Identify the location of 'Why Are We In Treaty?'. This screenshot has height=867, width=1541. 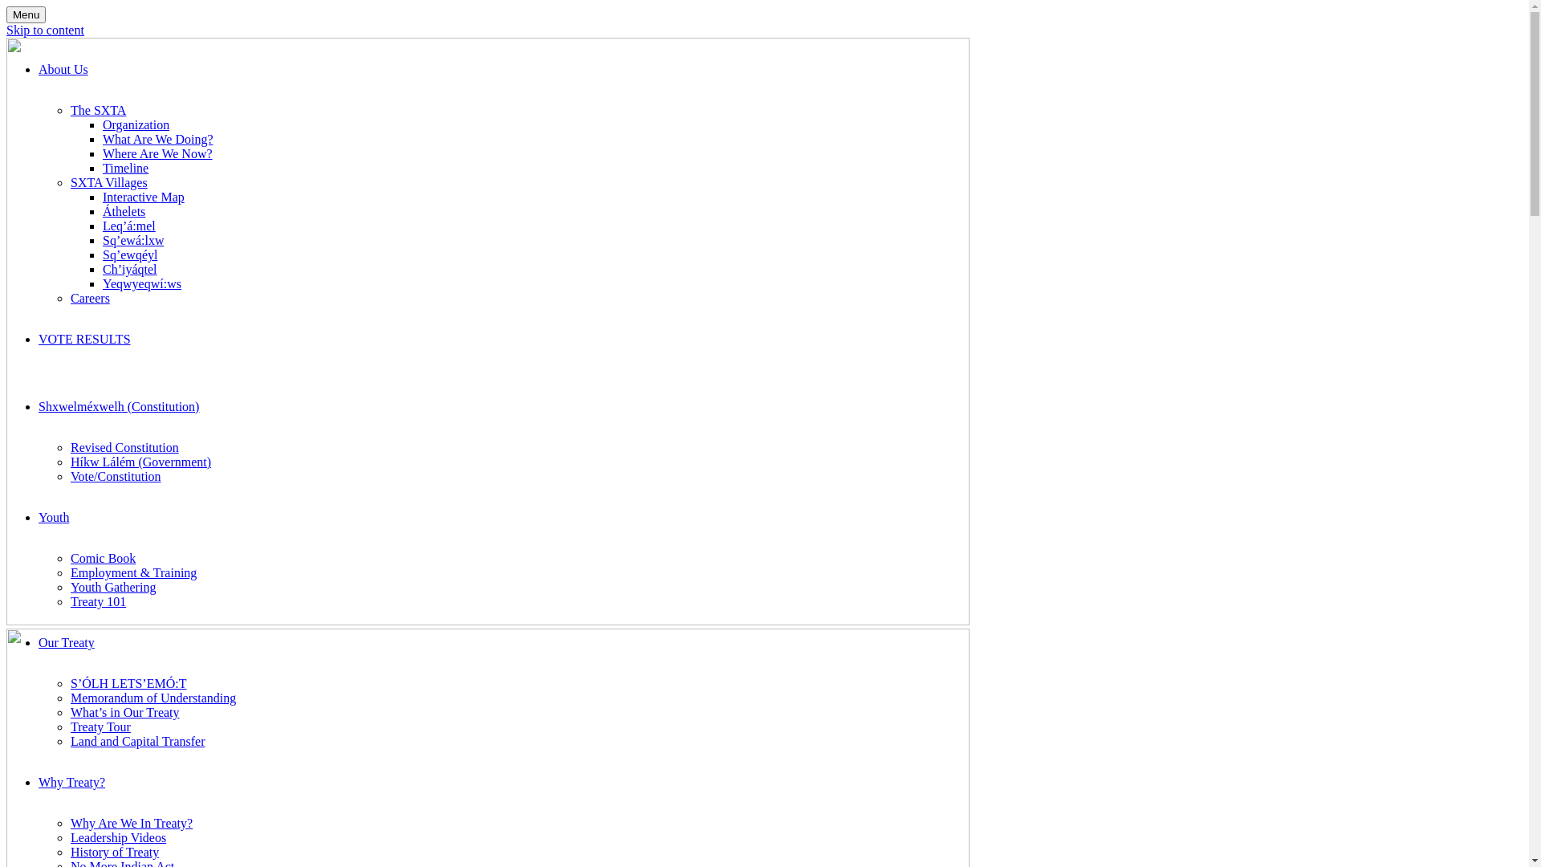
(131, 823).